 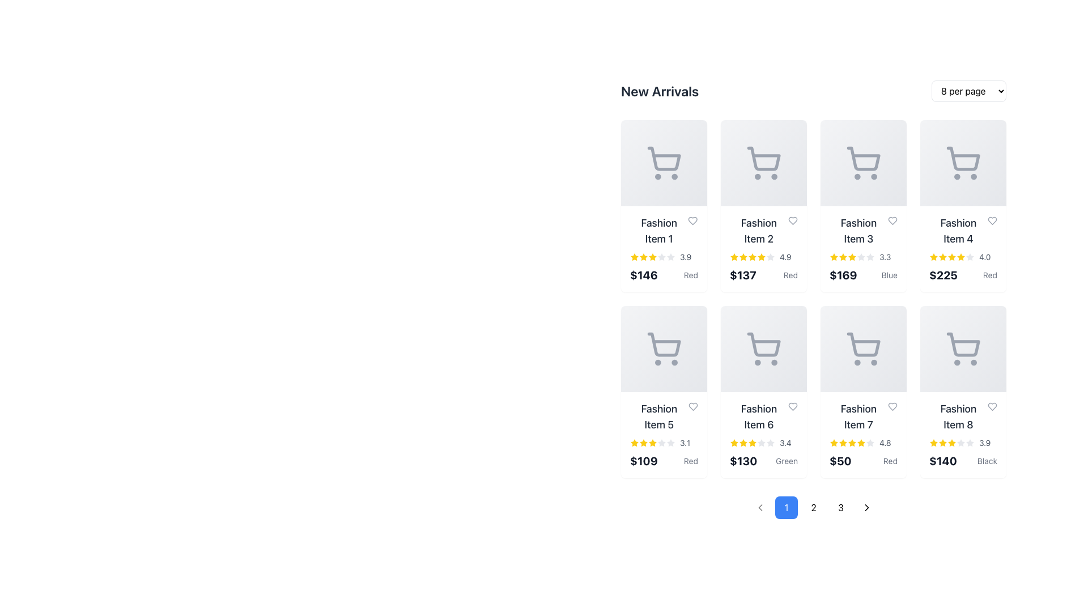 I want to click on the backward navigation icon located at the bottom-left section of the interface, so click(x=760, y=507).